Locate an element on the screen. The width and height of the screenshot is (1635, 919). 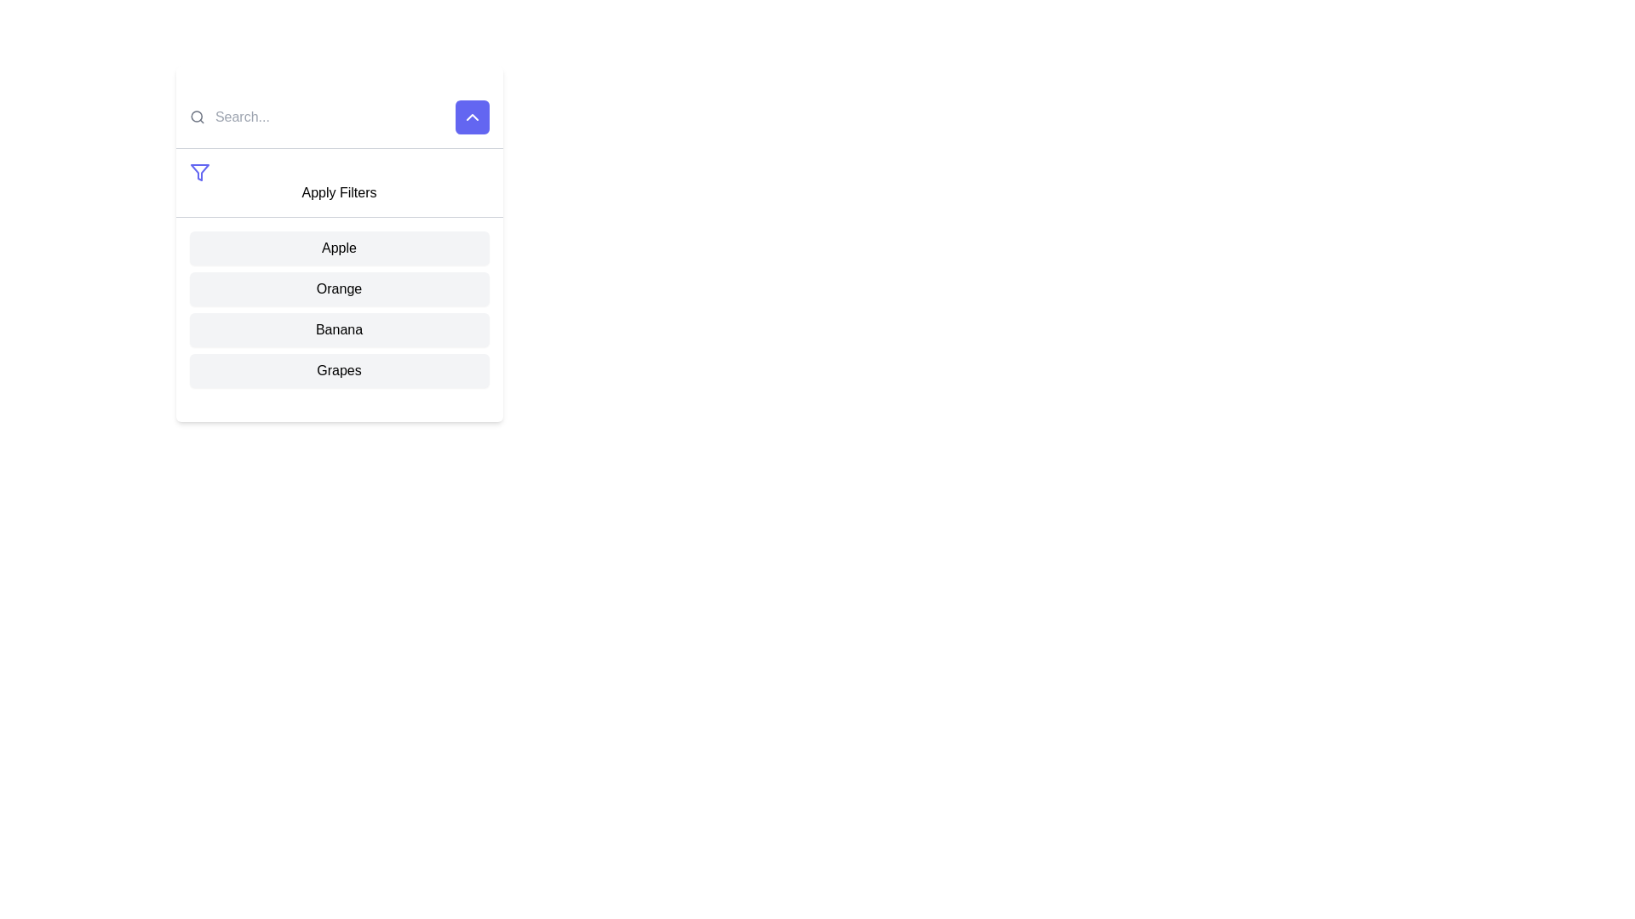
the small upward-pointing chevron icon located in the top-right corner of the user interface, which is inside a rounded rectangular button is located at coordinates (472, 117).